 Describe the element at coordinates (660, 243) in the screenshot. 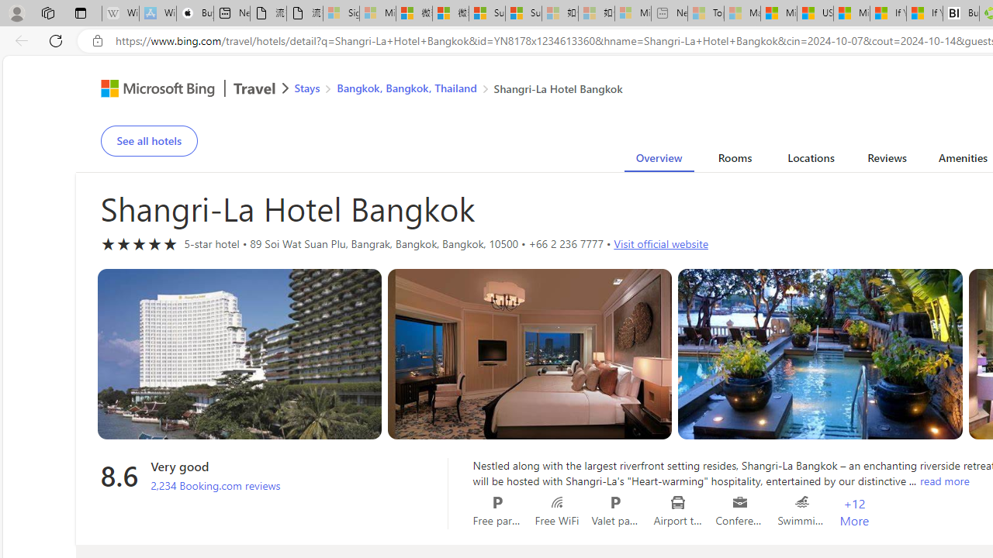

I see `'Visit official website'` at that location.